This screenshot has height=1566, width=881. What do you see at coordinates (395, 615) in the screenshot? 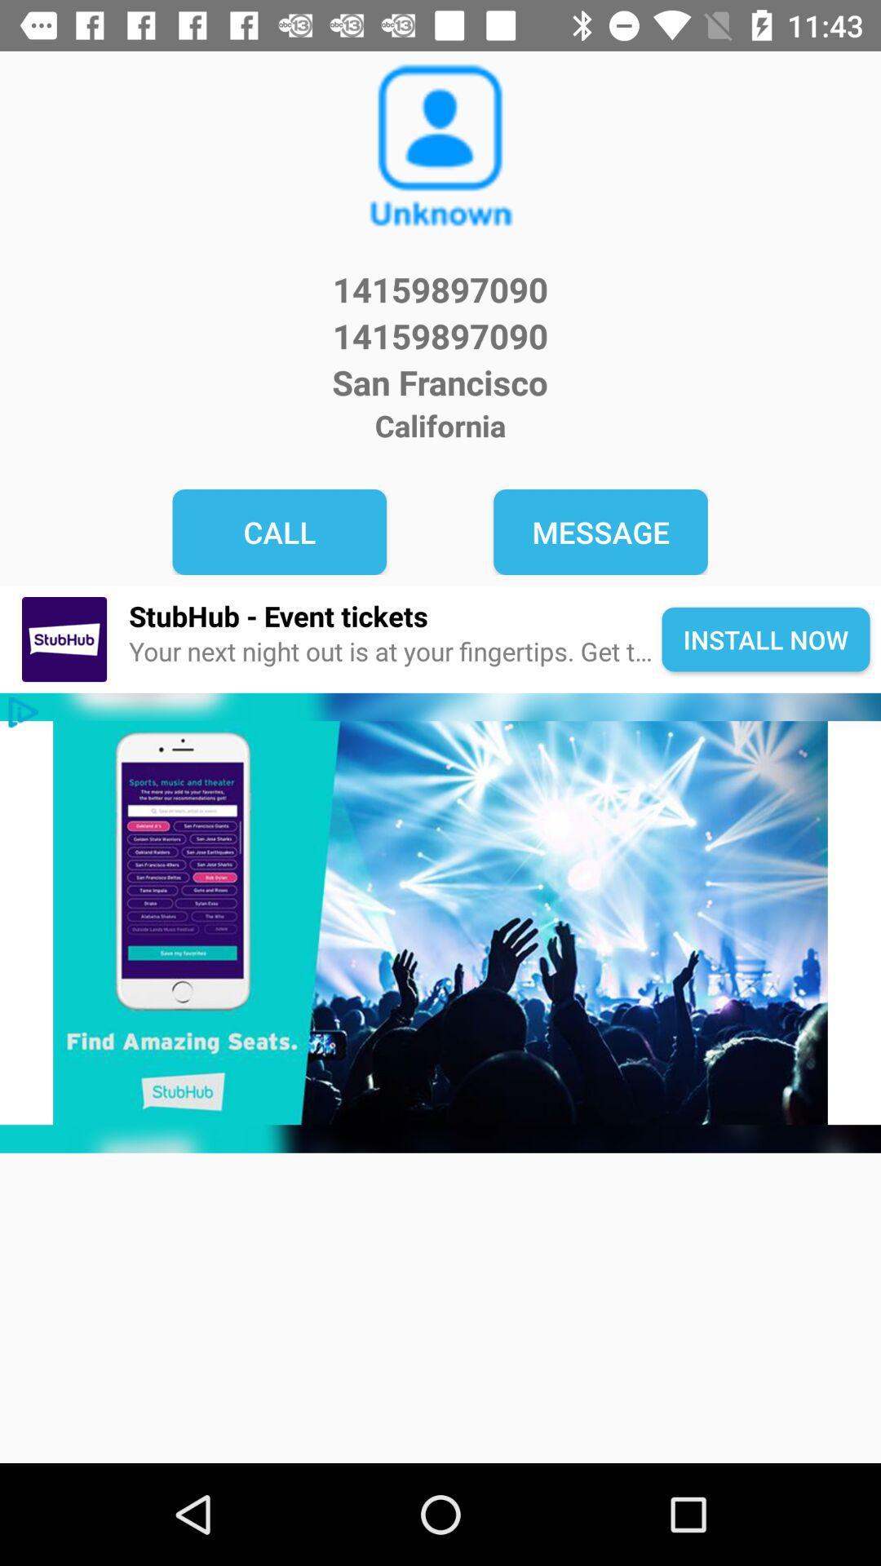
I see `the icon above the your next night` at bounding box center [395, 615].